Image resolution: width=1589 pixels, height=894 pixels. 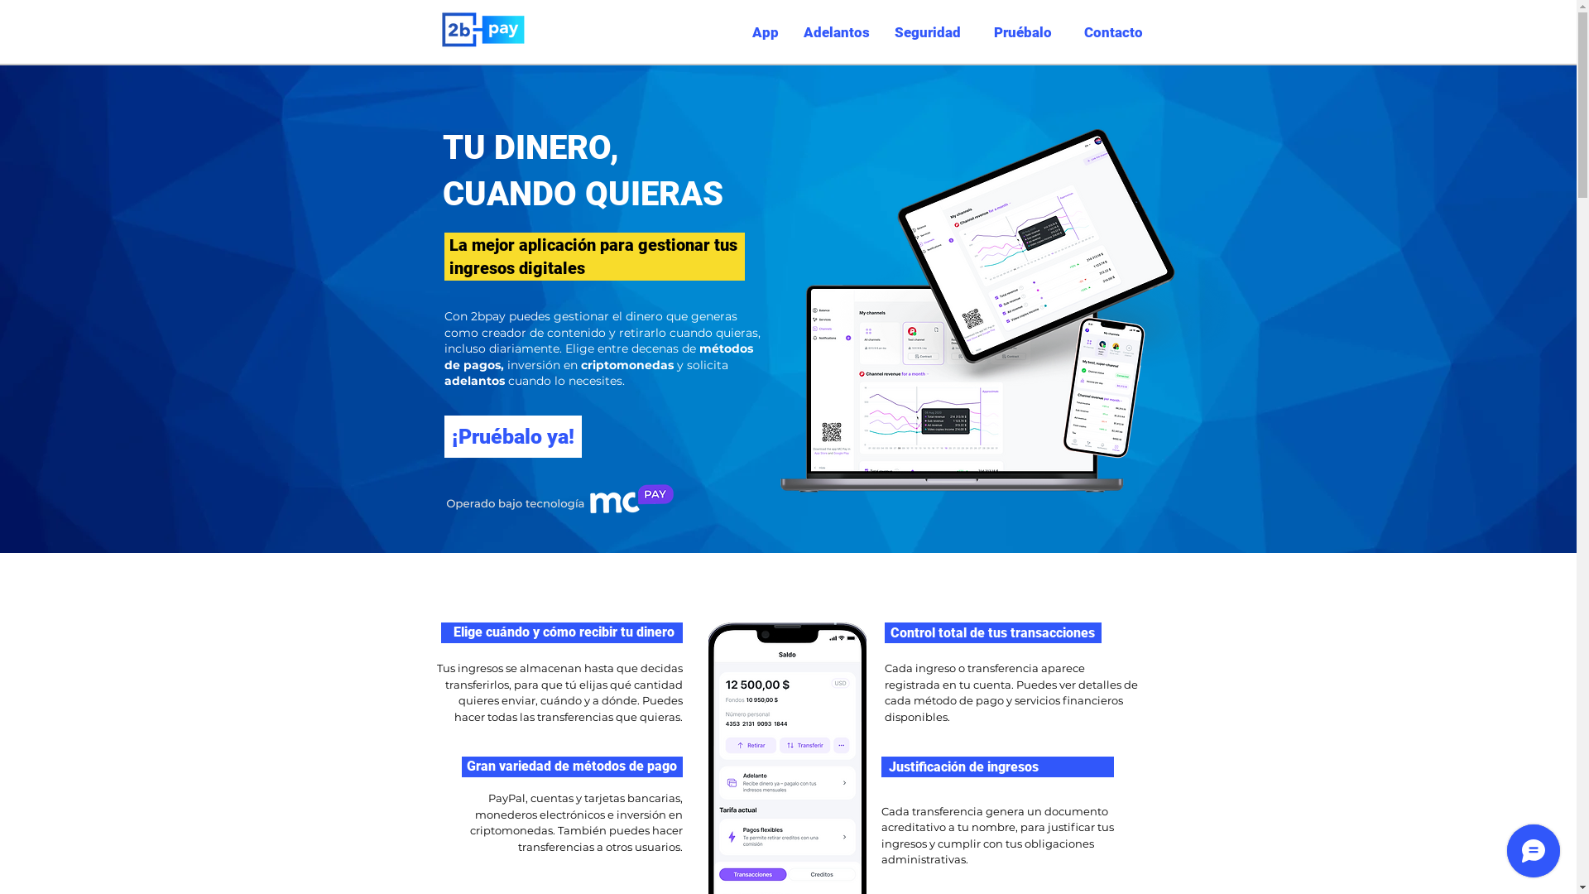 What do you see at coordinates (745, 31) in the screenshot?
I see `'App'` at bounding box center [745, 31].